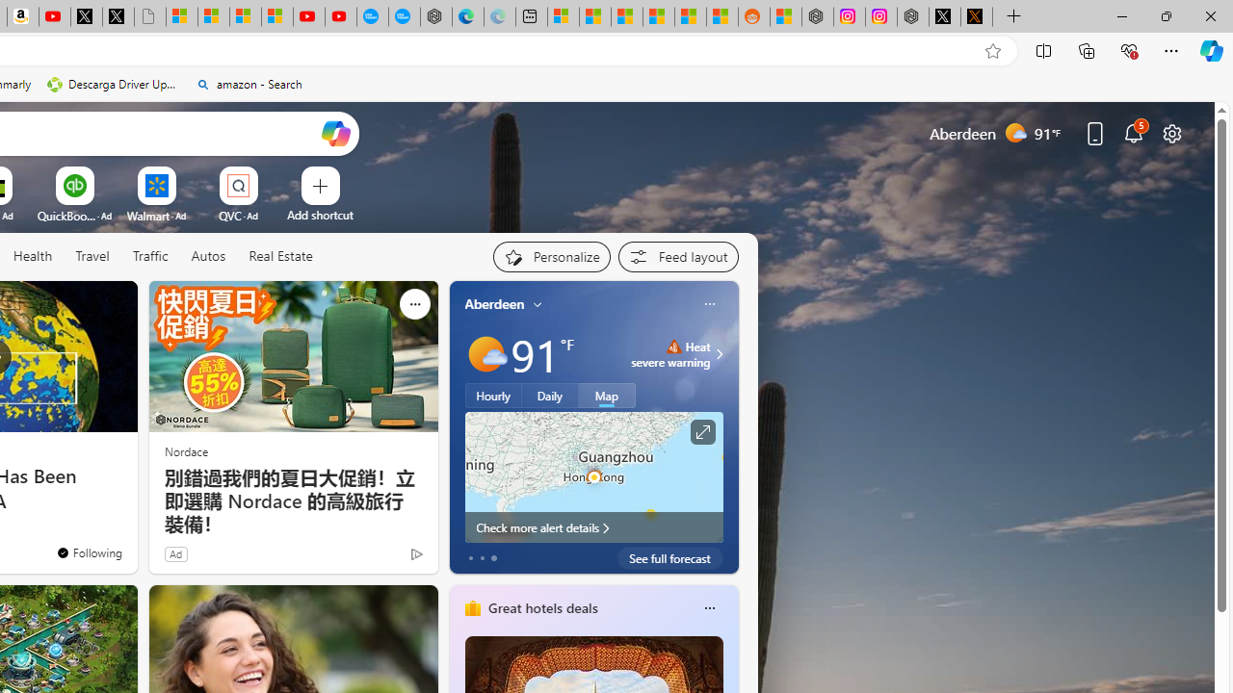 The image size is (1233, 693). What do you see at coordinates (340, 16) in the screenshot?
I see `'YouTube Kids - An App Created for Kids to Explore Content'` at bounding box center [340, 16].